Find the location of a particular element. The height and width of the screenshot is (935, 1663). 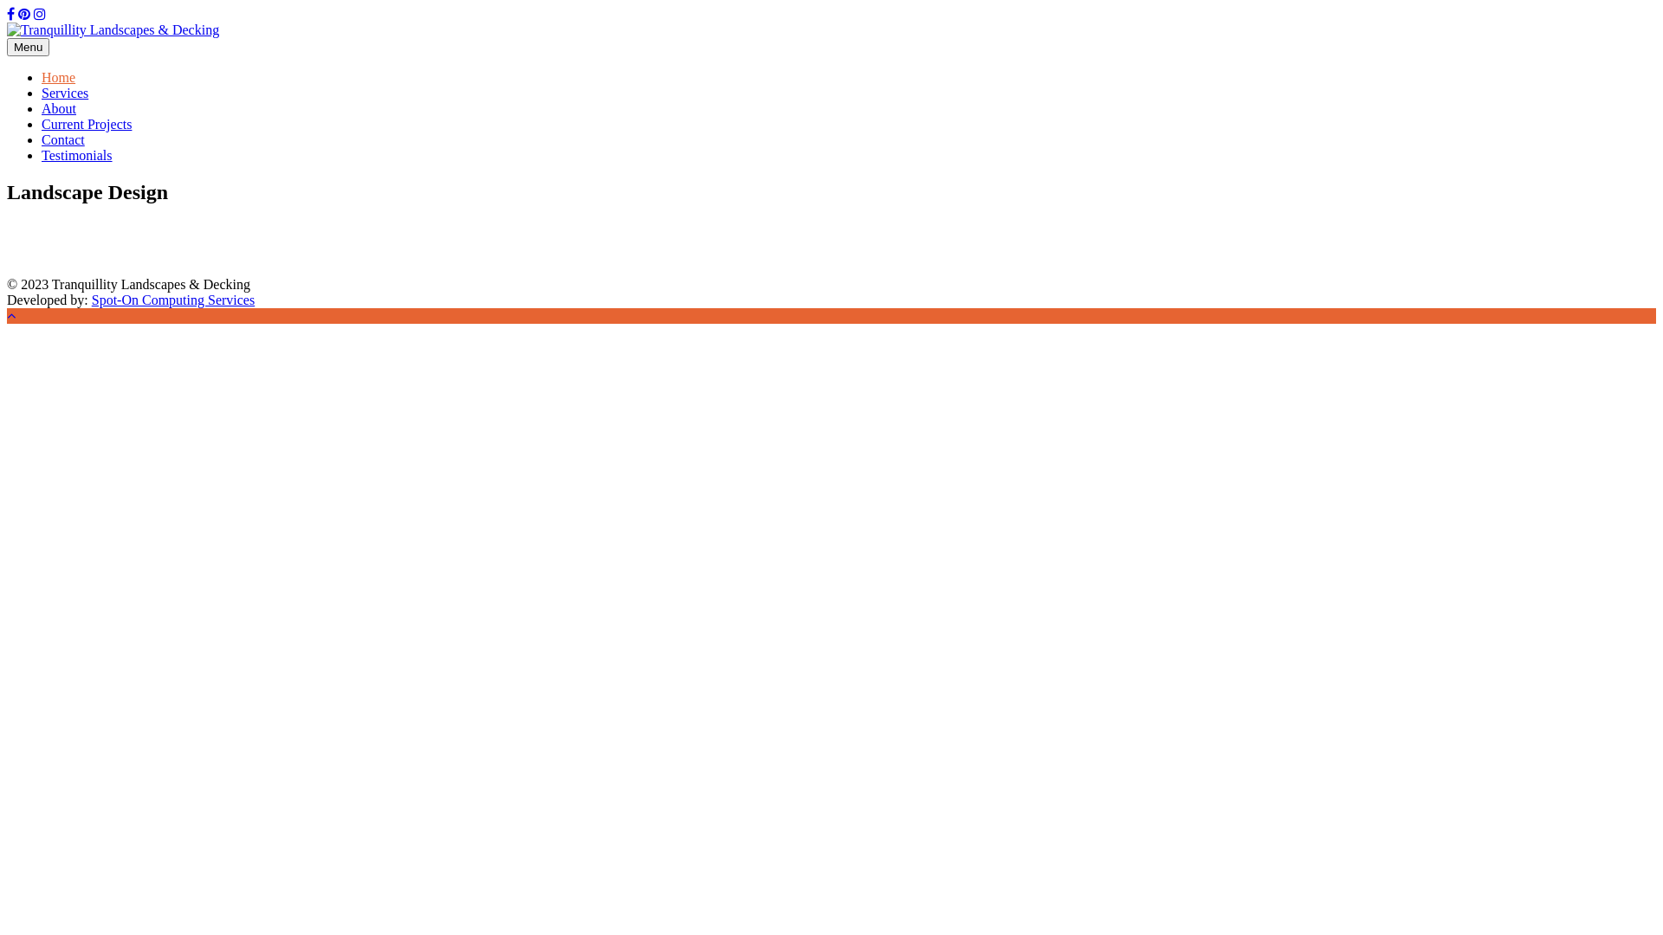

'Skip to content' is located at coordinates (6, 6).